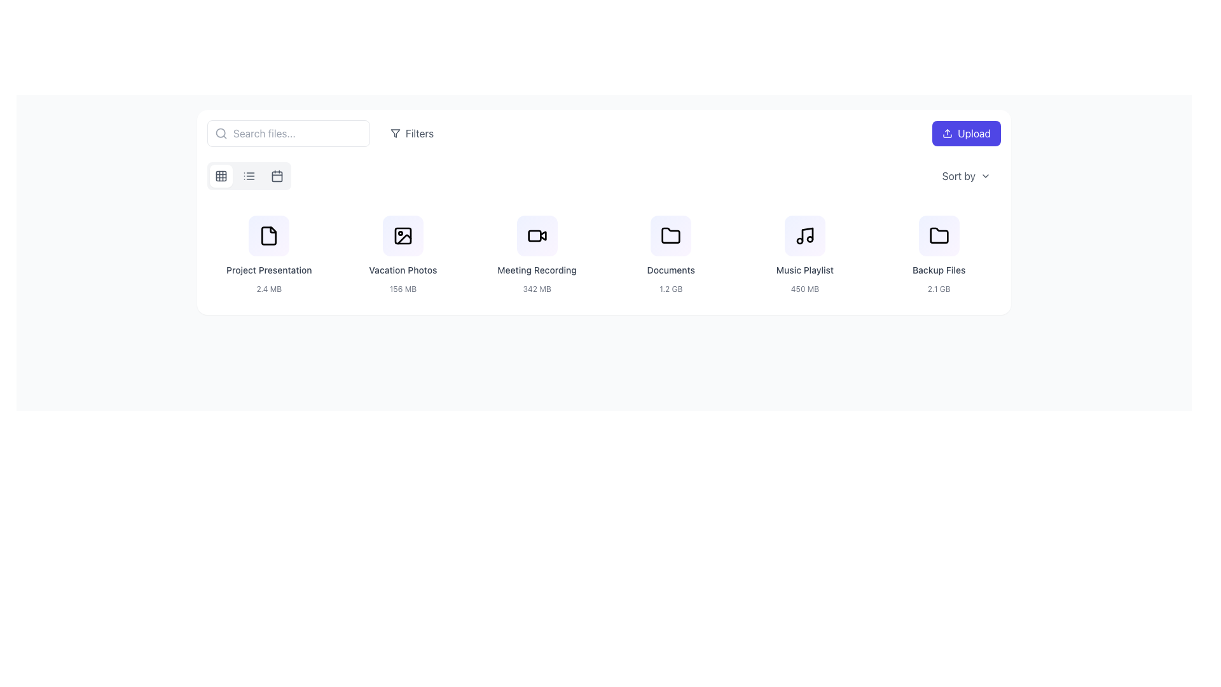  Describe the element at coordinates (249, 176) in the screenshot. I see `the middle icon button in the toolbar on the left side of the application interface` at that location.